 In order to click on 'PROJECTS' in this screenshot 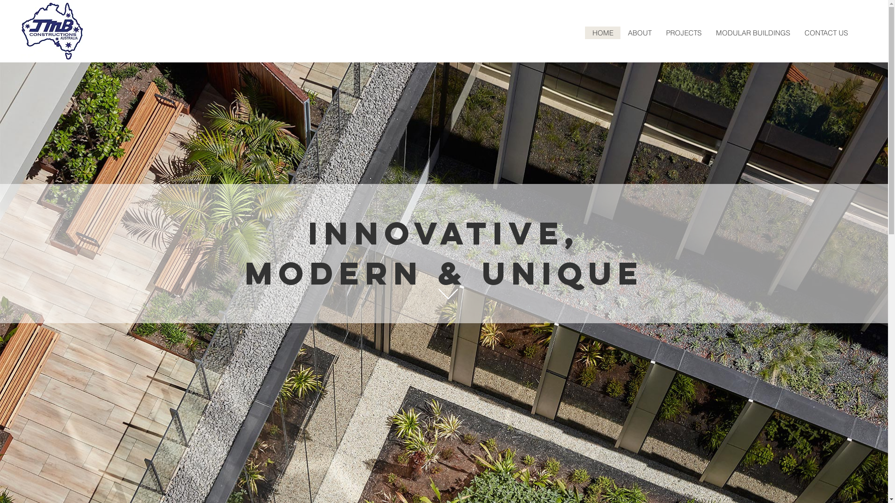, I will do `click(658, 32)`.